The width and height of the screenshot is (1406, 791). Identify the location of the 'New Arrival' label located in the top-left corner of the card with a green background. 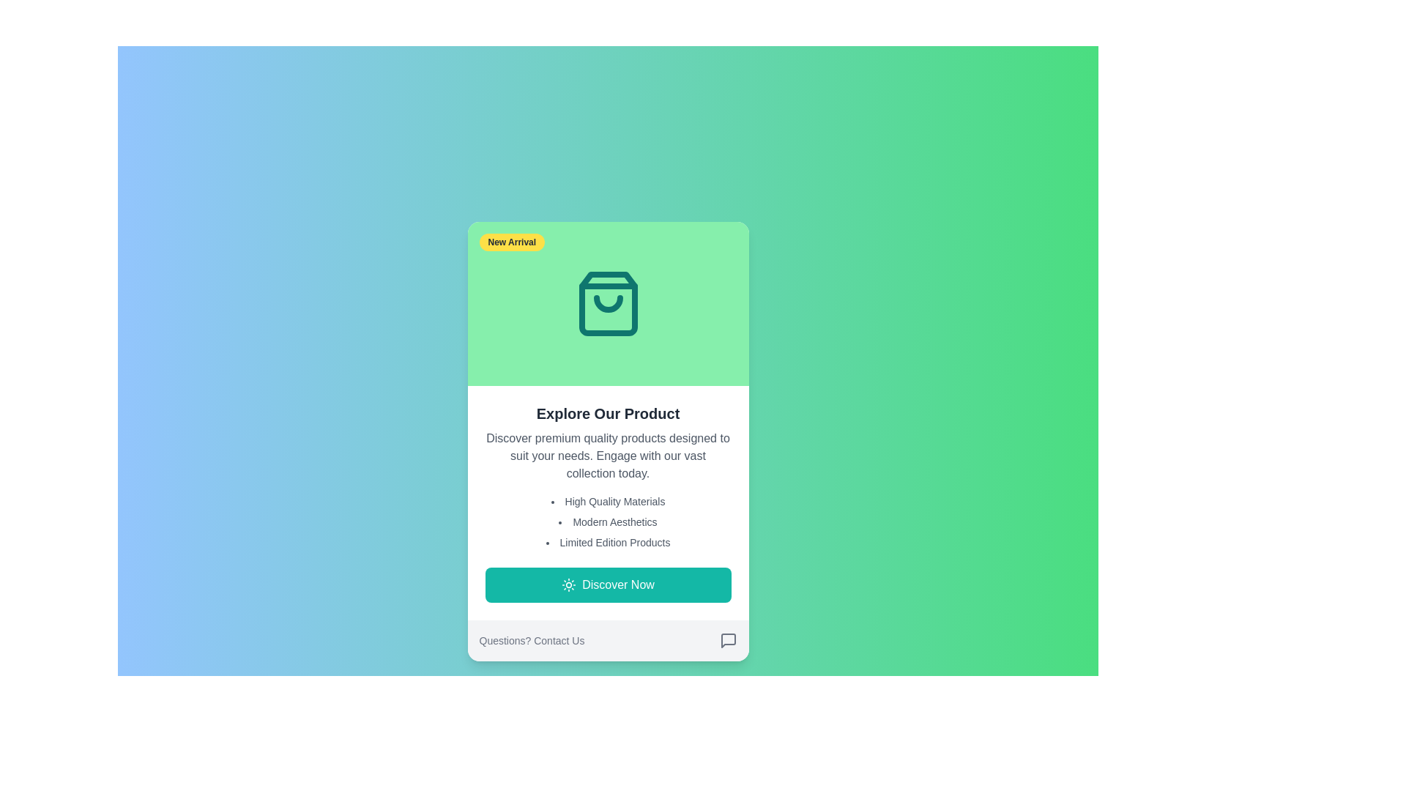
(512, 242).